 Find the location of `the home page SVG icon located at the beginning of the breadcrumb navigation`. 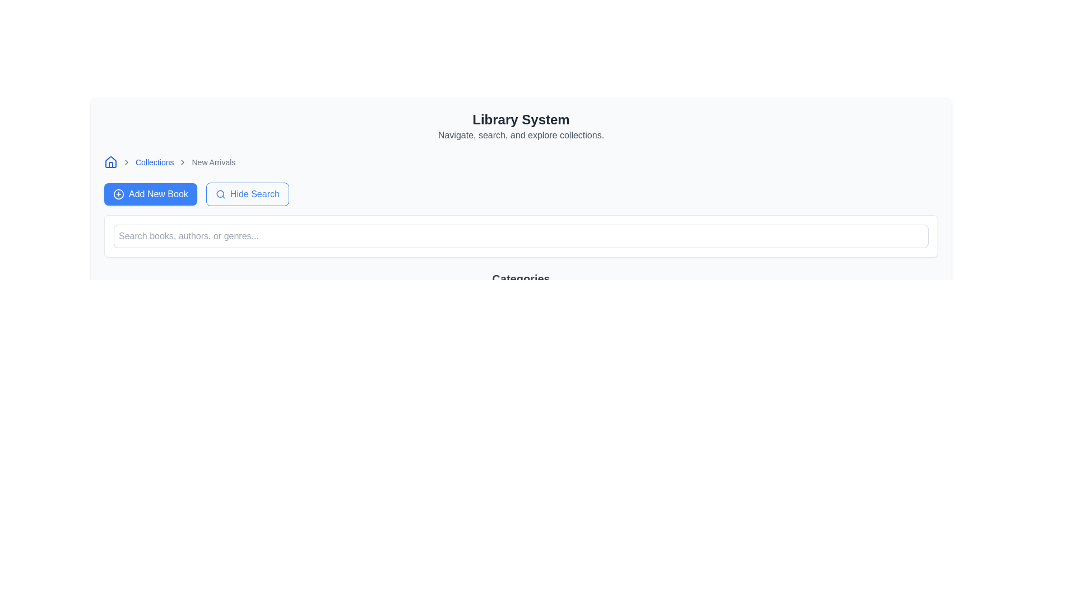

the home page SVG icon located at the beginning of the breadcrumb navigation is located at coordinates (110, 162).